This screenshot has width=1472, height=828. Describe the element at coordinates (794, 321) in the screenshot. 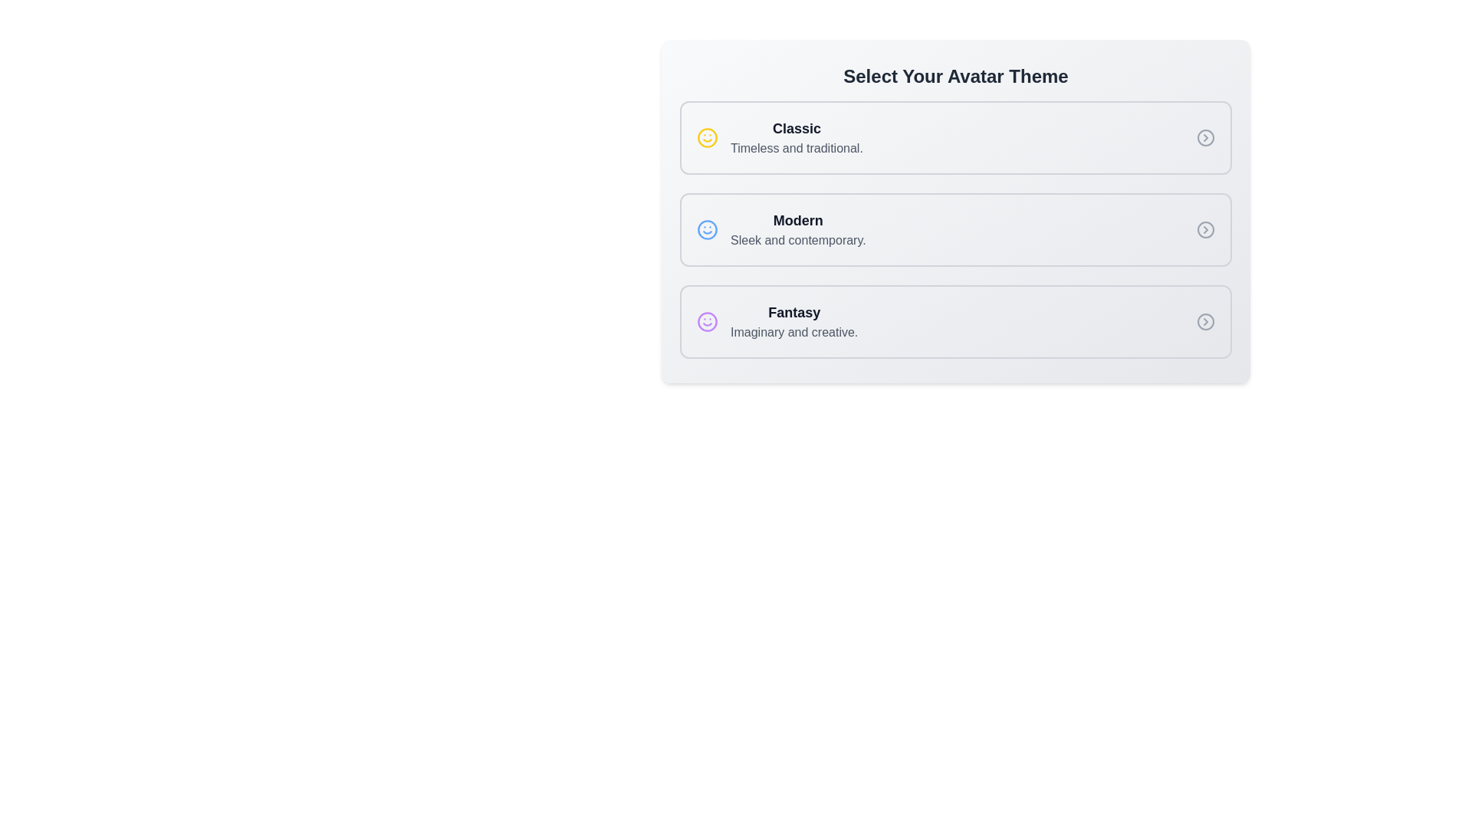

I see `the text label element titled 'Fantasy' with the subtitle 'Imaginary and creative', located in the third card of a vertical list of options` at that location.